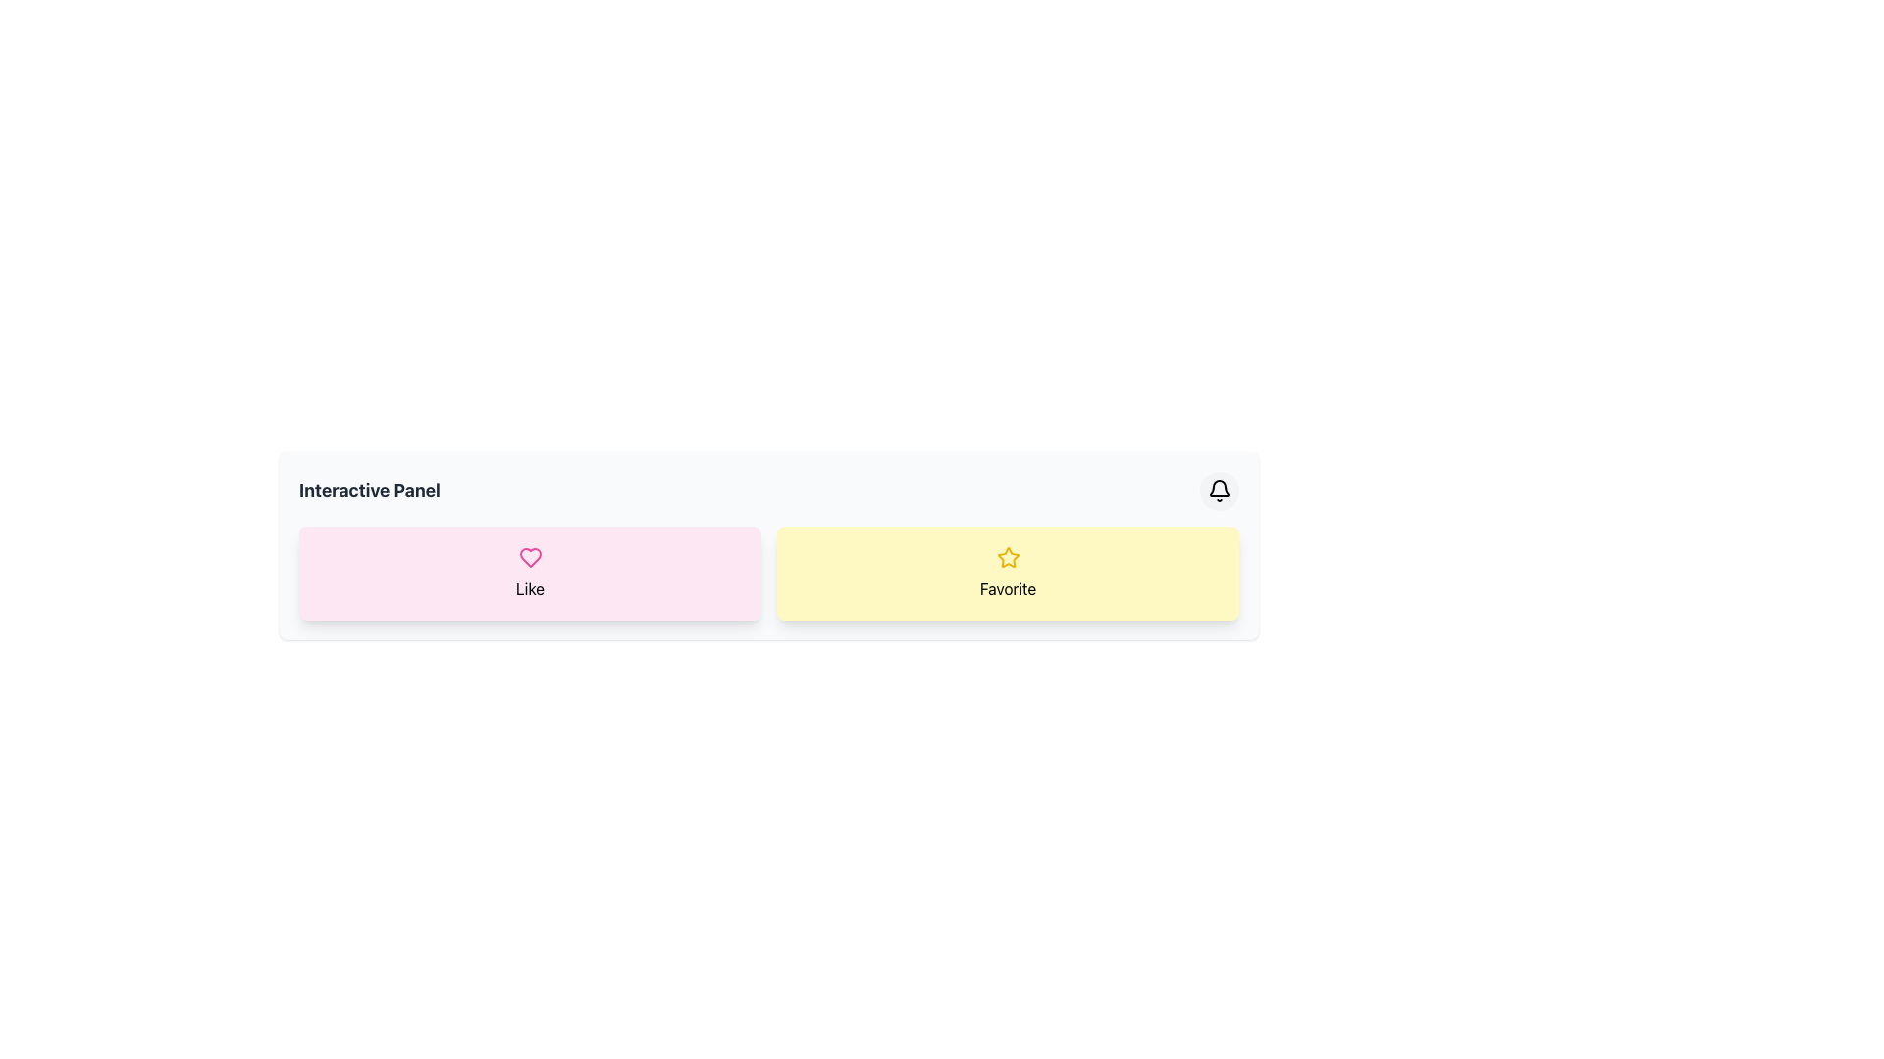  What do you see at coordinates (1219, 490) in the screenshot?
I see `the bell icon in the top-right corner of the interactive panel, which has a light gray circular background` at bounding box center [1219, 490].